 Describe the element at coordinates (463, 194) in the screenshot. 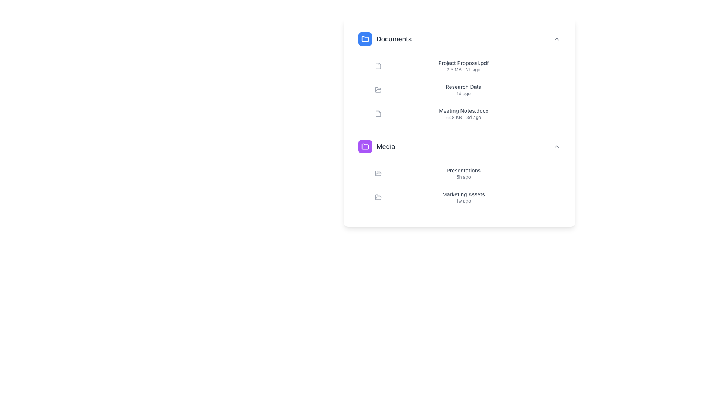

I see `the 'Marketing Assets' text label` at that location.